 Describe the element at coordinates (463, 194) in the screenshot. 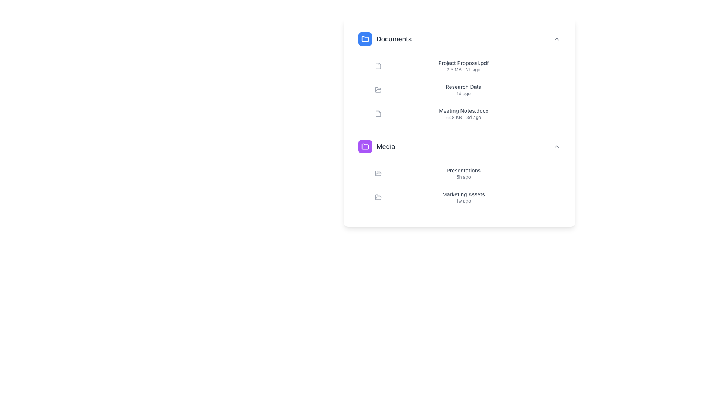

I see `the 'Marketing Assets' text label` at that location.